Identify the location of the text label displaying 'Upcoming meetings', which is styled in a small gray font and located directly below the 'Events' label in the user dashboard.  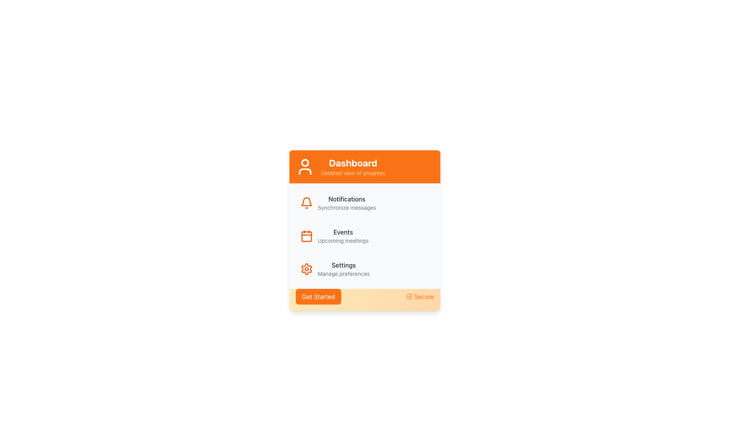
(343, 240).